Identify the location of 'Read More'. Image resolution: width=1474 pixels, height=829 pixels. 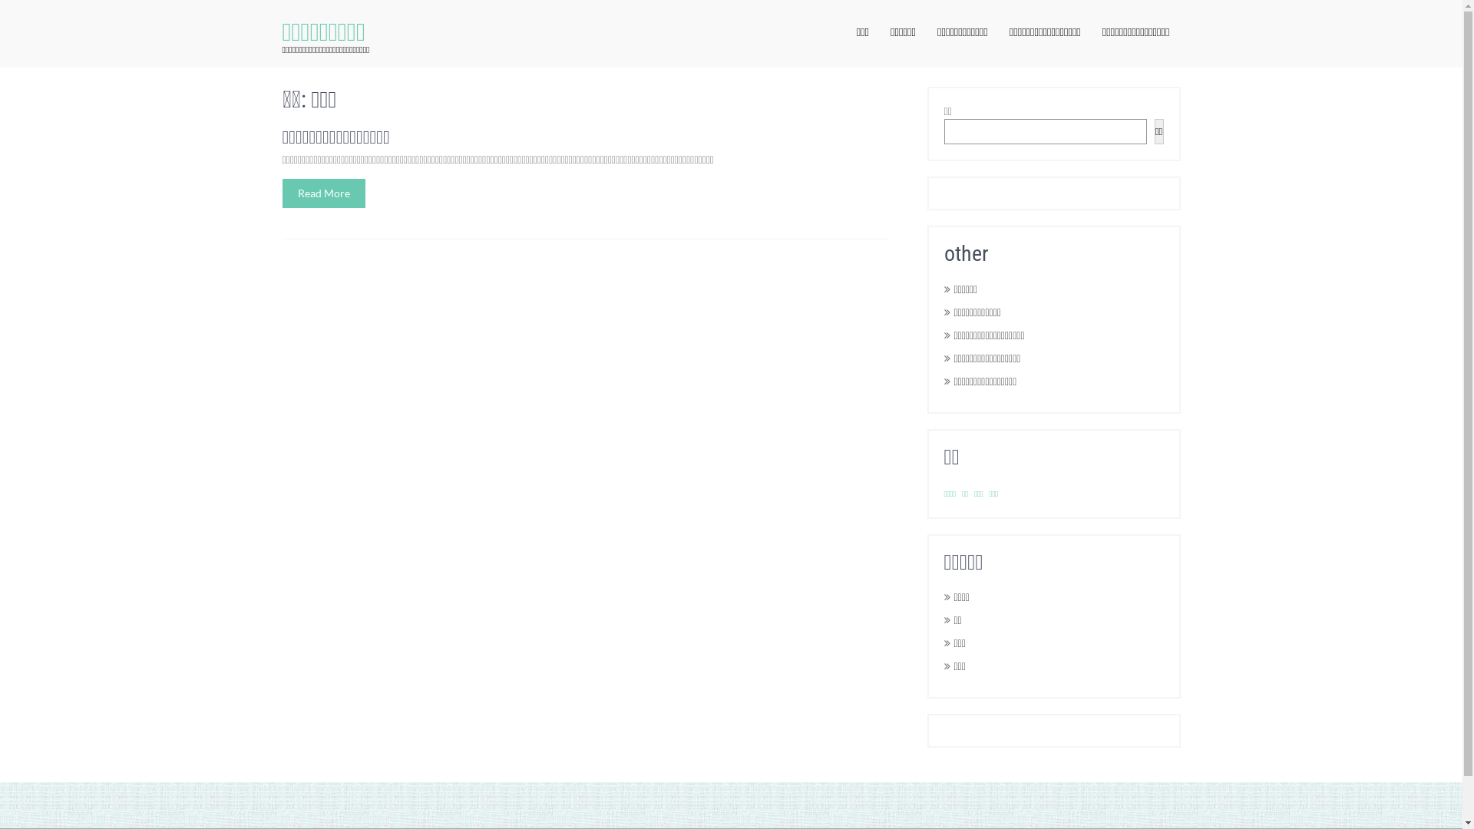
(283, 192).